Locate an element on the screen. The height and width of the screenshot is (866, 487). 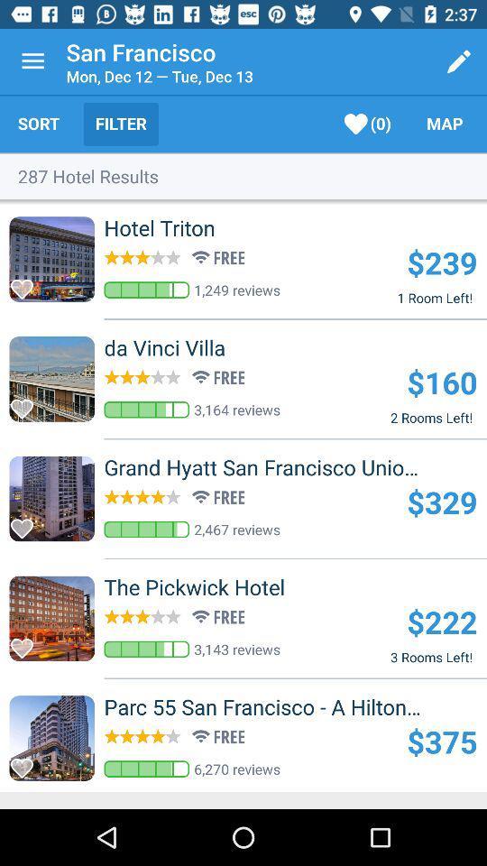
icon to the right of 1,249 reviews is located at coordinates (441, 261).